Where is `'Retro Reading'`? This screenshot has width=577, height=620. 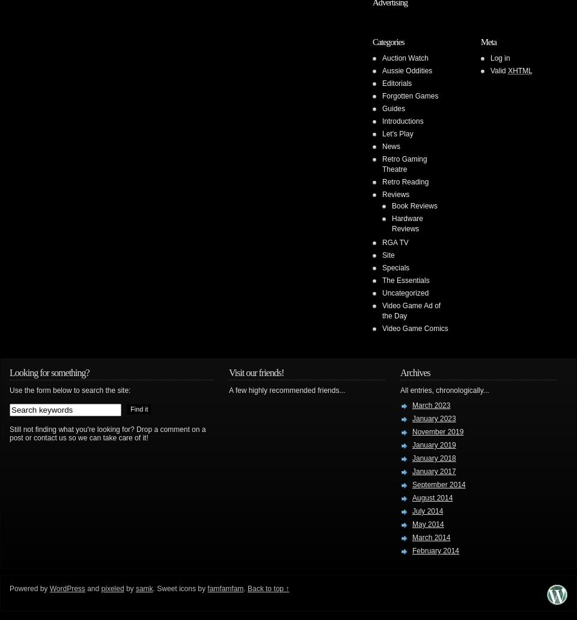
'Retro Reading' is located at coordinates (405, 181).